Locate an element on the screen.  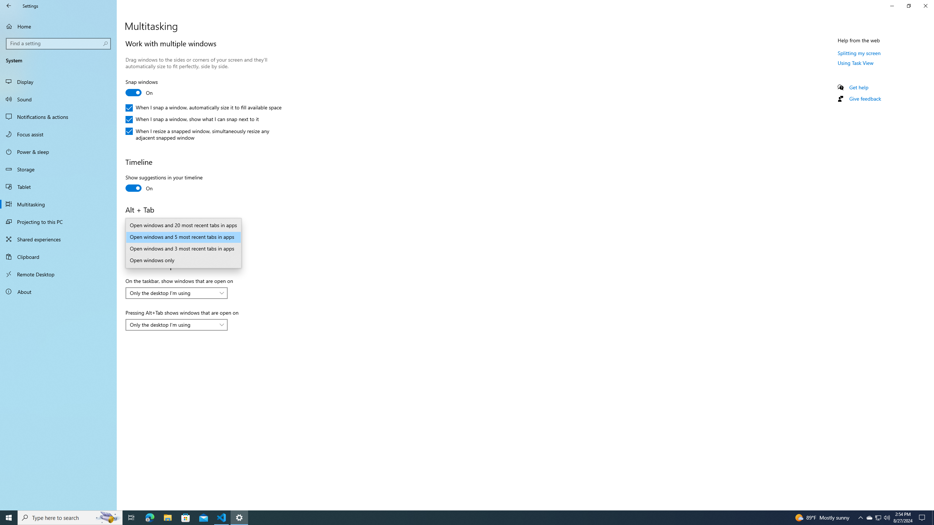
'Visual Studio Code - 1 running window' is located at coordinates (221, 517).